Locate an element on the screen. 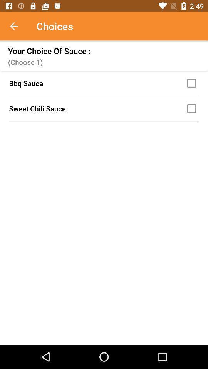 The image size is (208, 369). go back is located at coordinates (18, 26).